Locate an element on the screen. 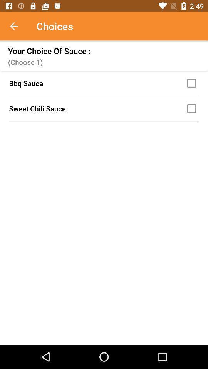 The image size is (208, 369). go back is located at coordinates (18, 26).